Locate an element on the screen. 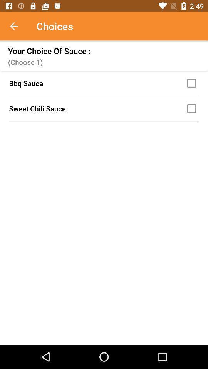 The image size is (208, 369). go back is located at coordinates (18, 26).